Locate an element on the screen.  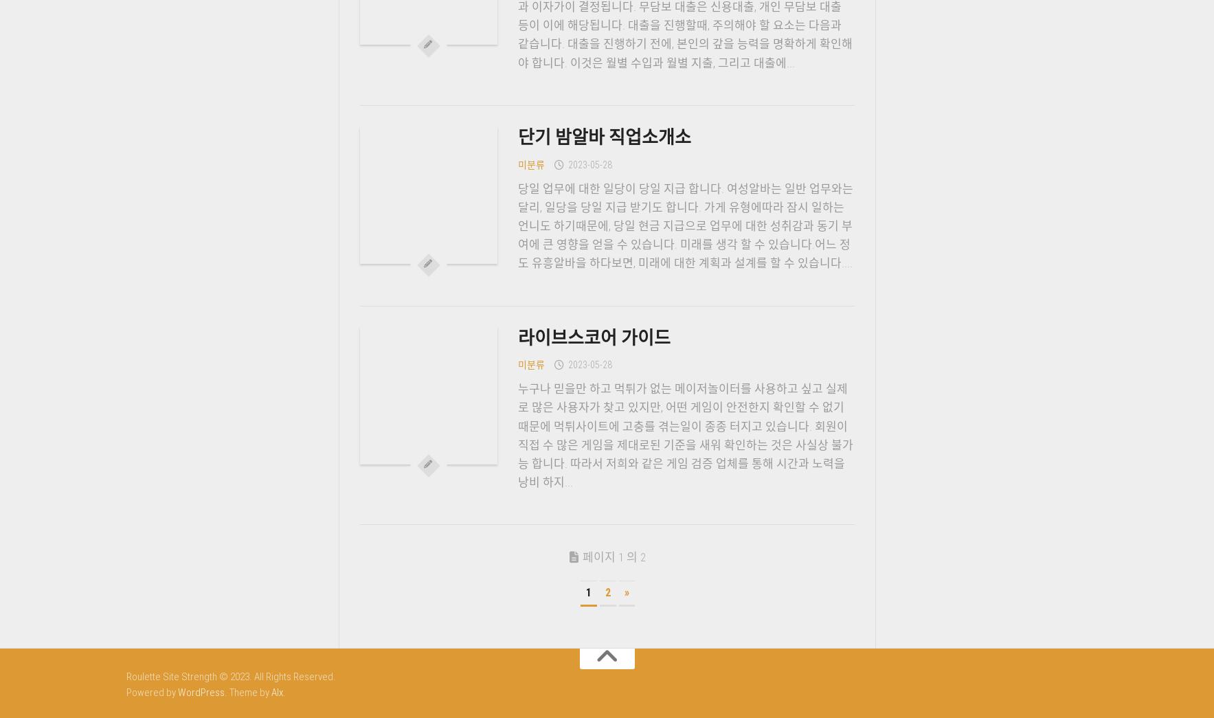
'Powered by' is located at coordinates (125, 691).